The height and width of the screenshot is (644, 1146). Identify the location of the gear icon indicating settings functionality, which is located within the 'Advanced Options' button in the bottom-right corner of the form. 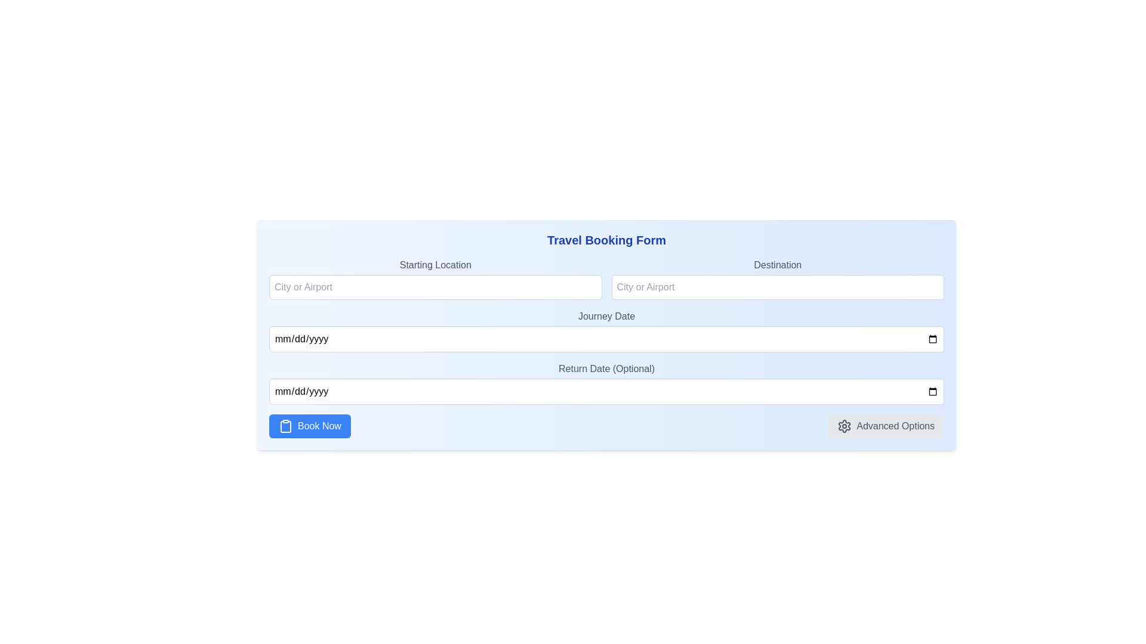
(844, 425).